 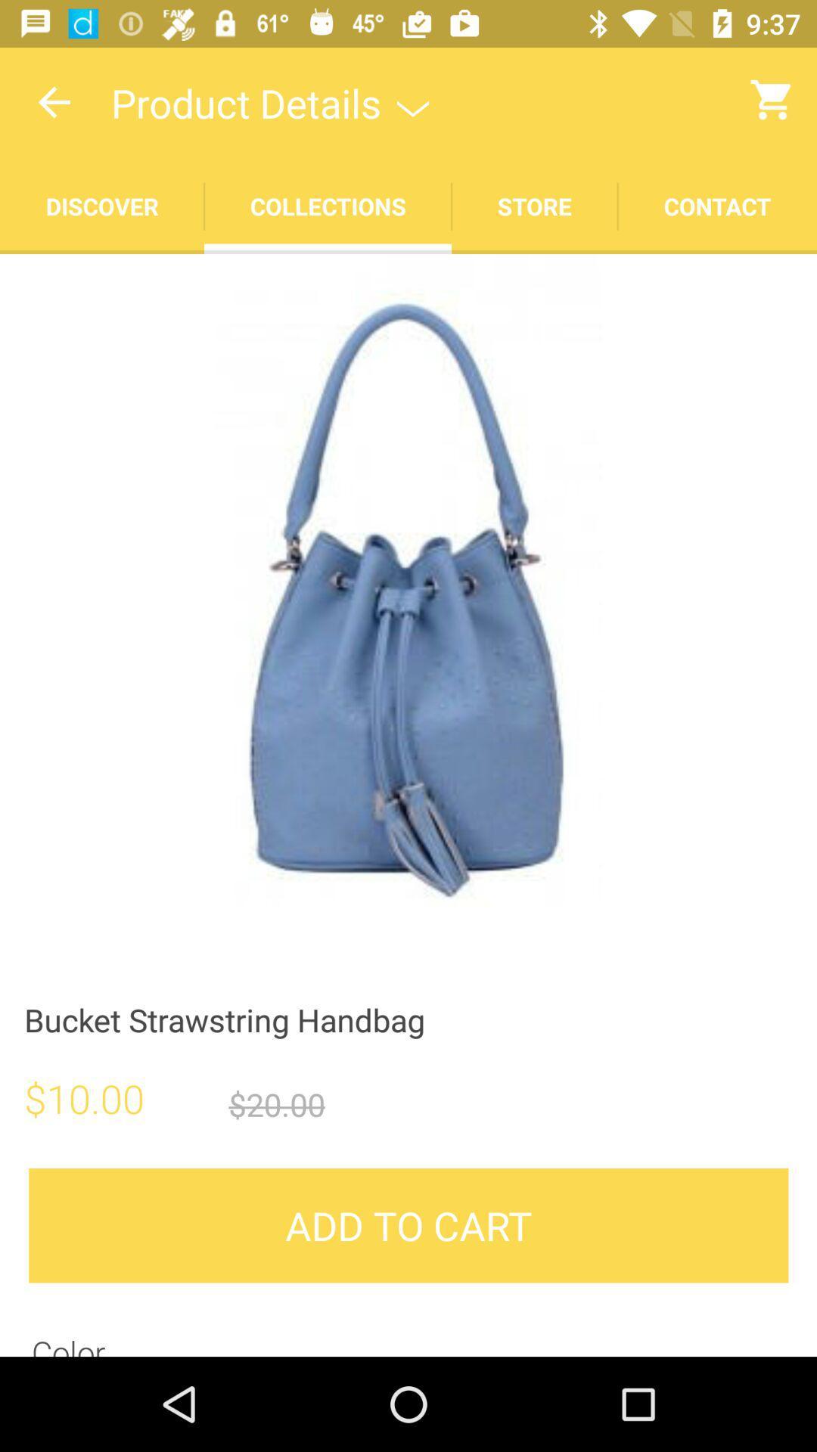 What do you see at coordinates (773, 99) in the screenshot?
I see `the icon which is at the top right of the page` at bounding box center [773, 99].